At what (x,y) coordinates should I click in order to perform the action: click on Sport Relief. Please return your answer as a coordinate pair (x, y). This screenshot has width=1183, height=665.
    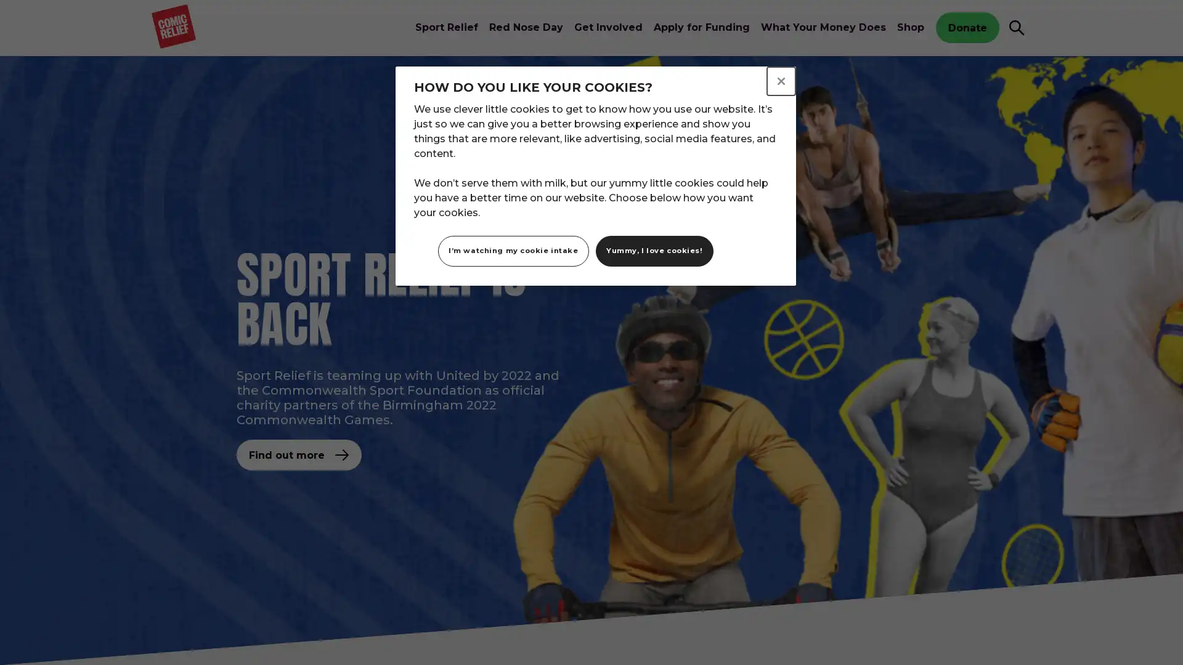
    Looking at the image, I should click on (445, 28).